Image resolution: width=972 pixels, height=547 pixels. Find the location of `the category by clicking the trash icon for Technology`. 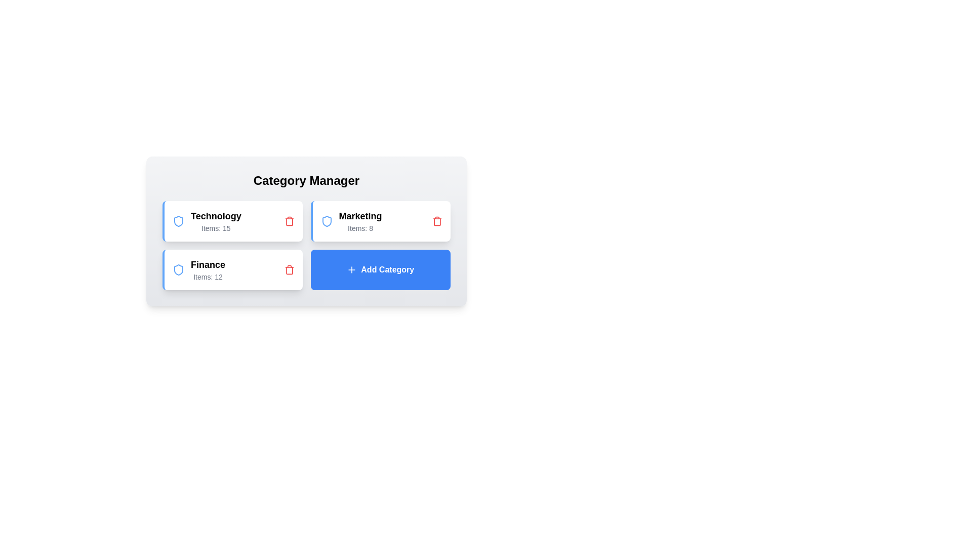

the category by clicking the trash icon for Technology is located at coordinates (289, 220).